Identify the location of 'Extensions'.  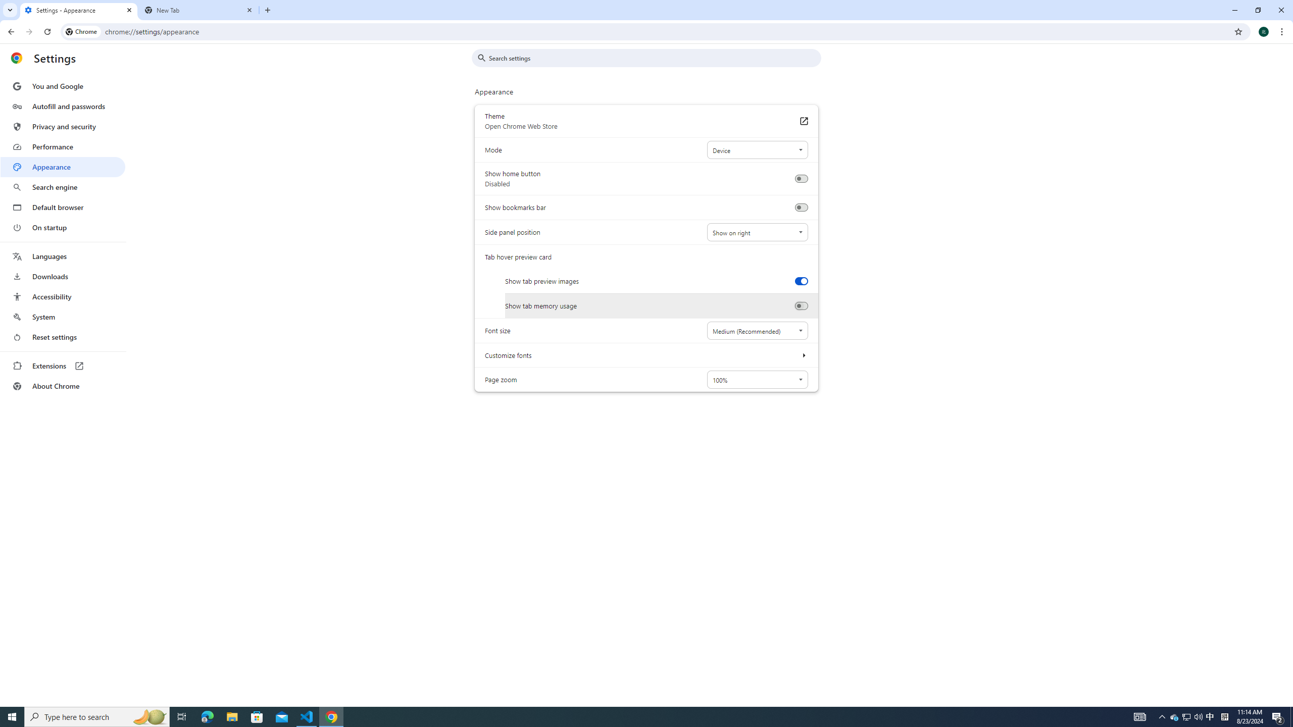
(62, 366).